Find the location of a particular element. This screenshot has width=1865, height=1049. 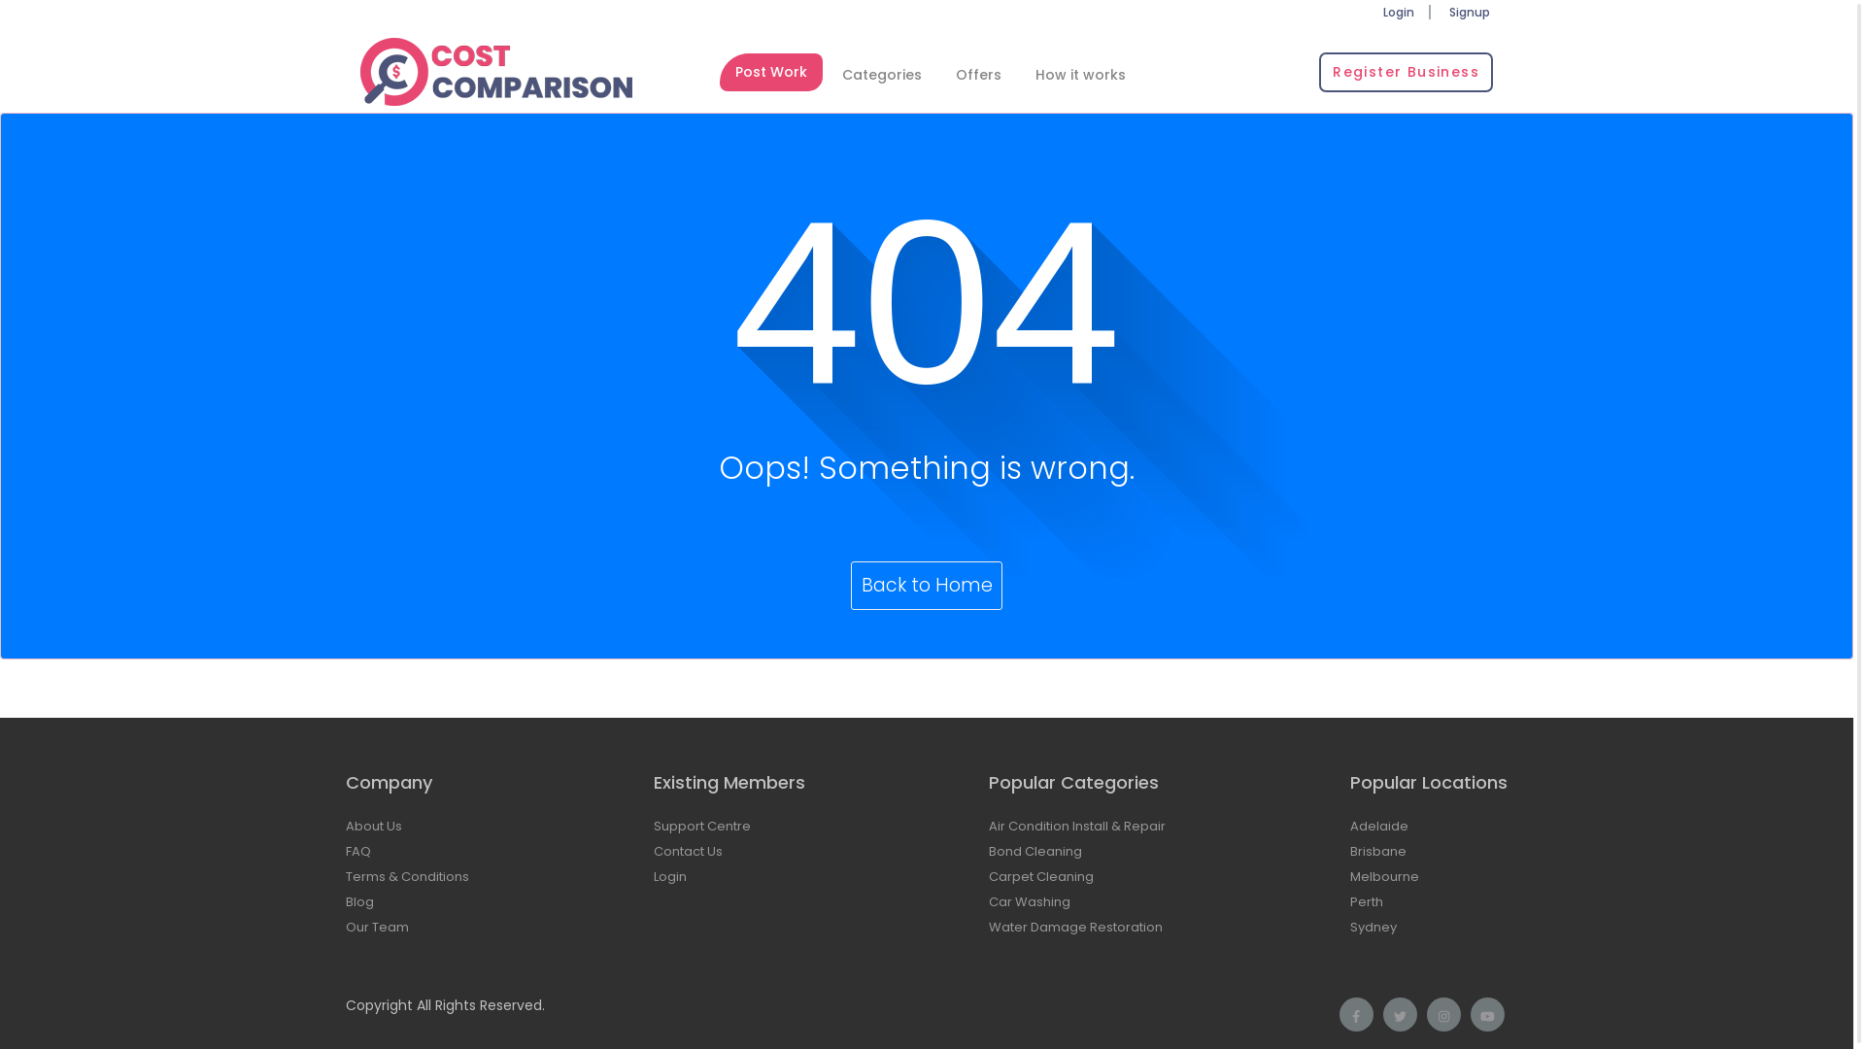

'Contact Us' is located at coordinates (688, 850).